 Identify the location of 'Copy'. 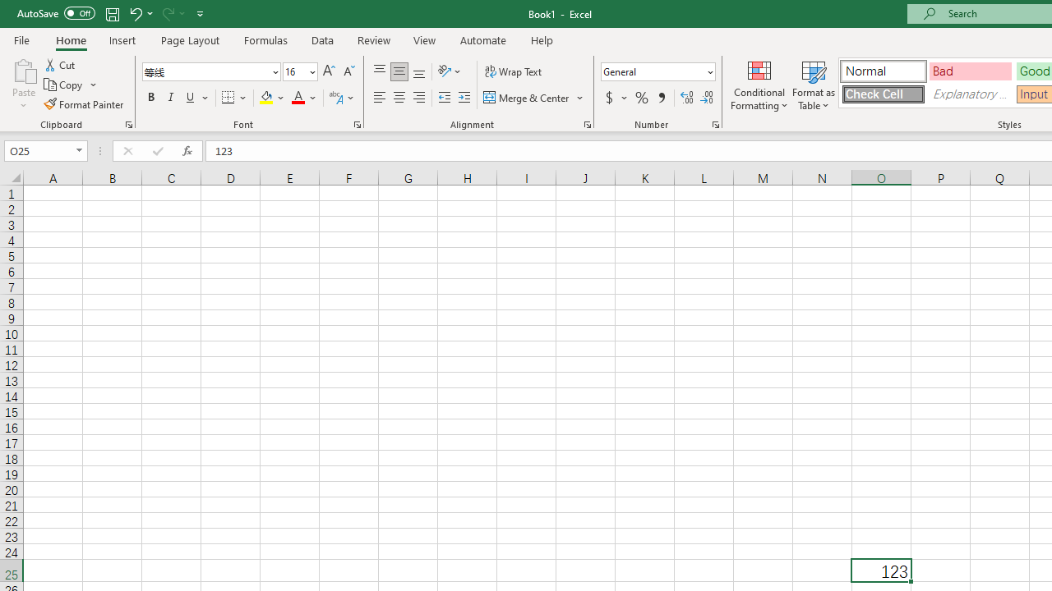
(64, 85).